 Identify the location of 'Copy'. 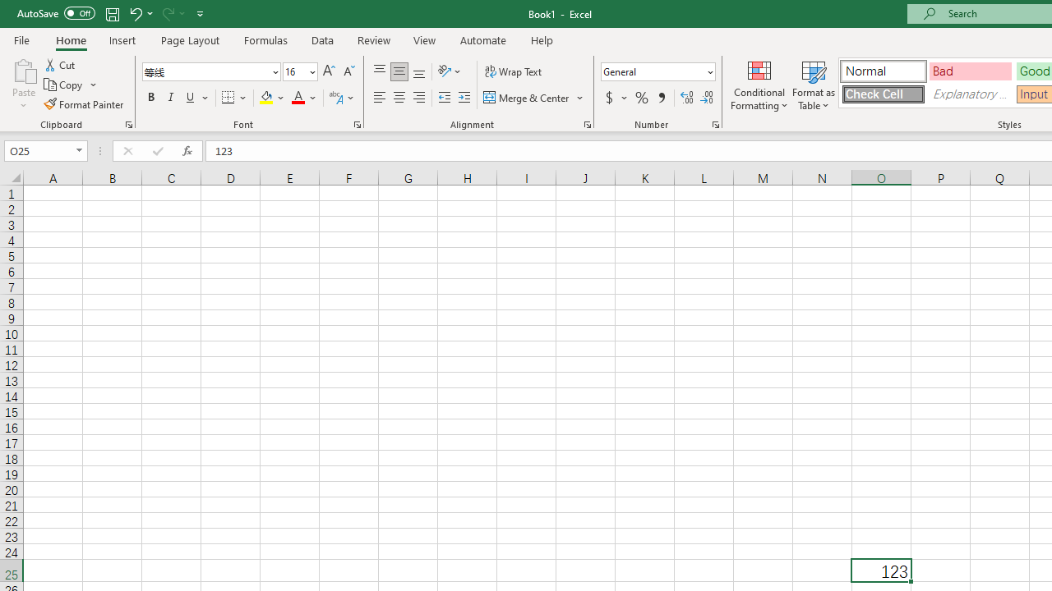
(64, 85).